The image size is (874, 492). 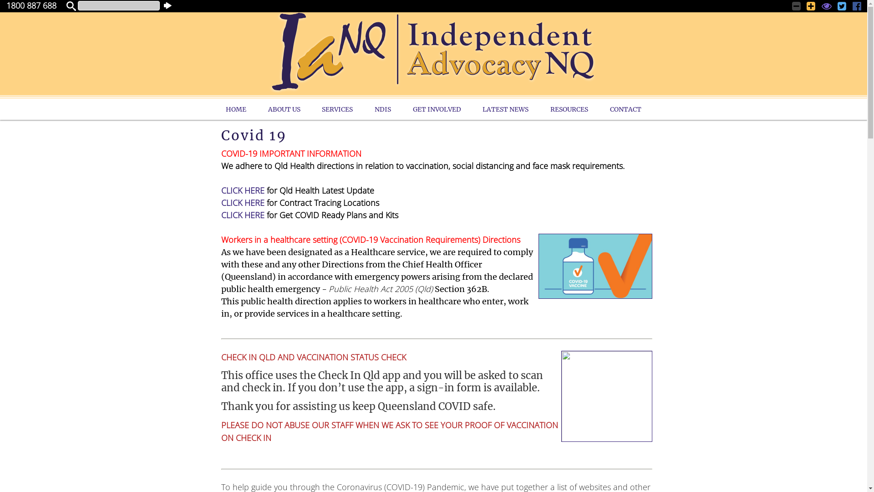 I want to click on 'LATEST NEWS', so click(x=505, y=108).